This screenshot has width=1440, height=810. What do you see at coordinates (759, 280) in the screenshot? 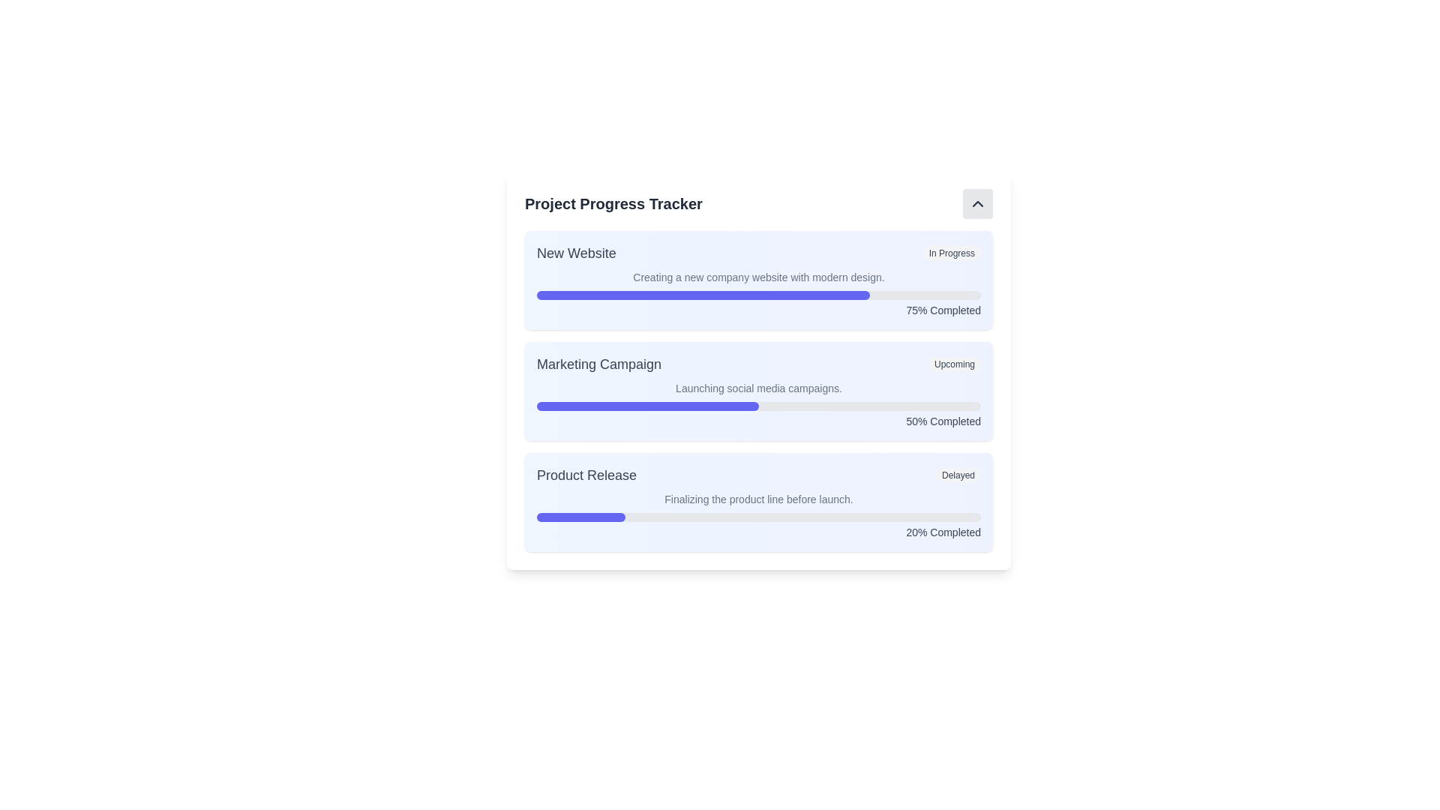
I see `text details from the Progress card titled 'New Website' with the status 'In Progress' and progress information '75% Completed'` at bounding box center [759, 280].